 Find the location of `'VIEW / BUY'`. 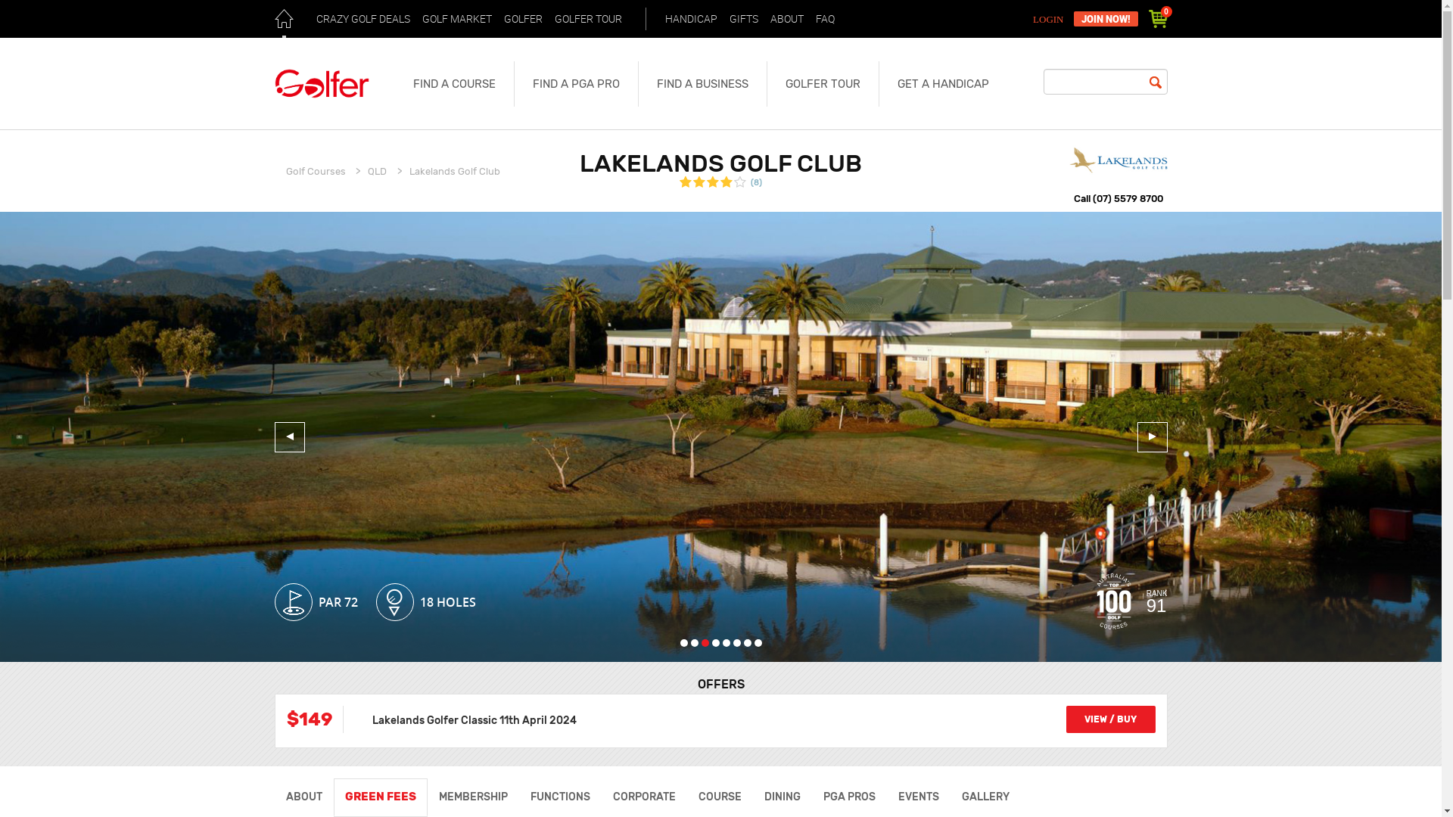

'VIEW / BUY' is located at coordinates (1110, 719).